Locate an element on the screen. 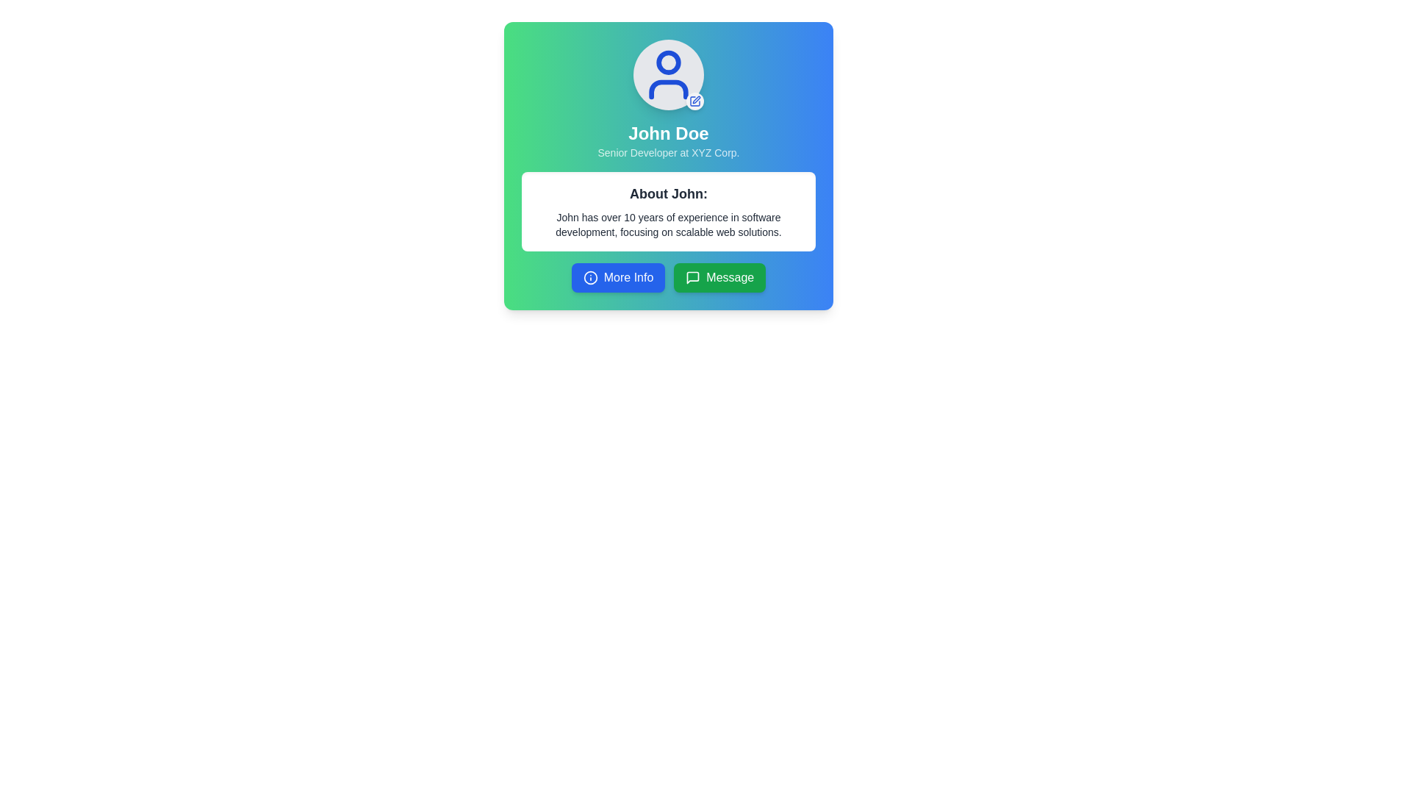 This screenshot has width=1411, height=794. the decorative graphic component centered within the user profile icon at the top of the profile card, which is styled with a border and located above the name 'John Doe' is located at coordinates (668, 61).